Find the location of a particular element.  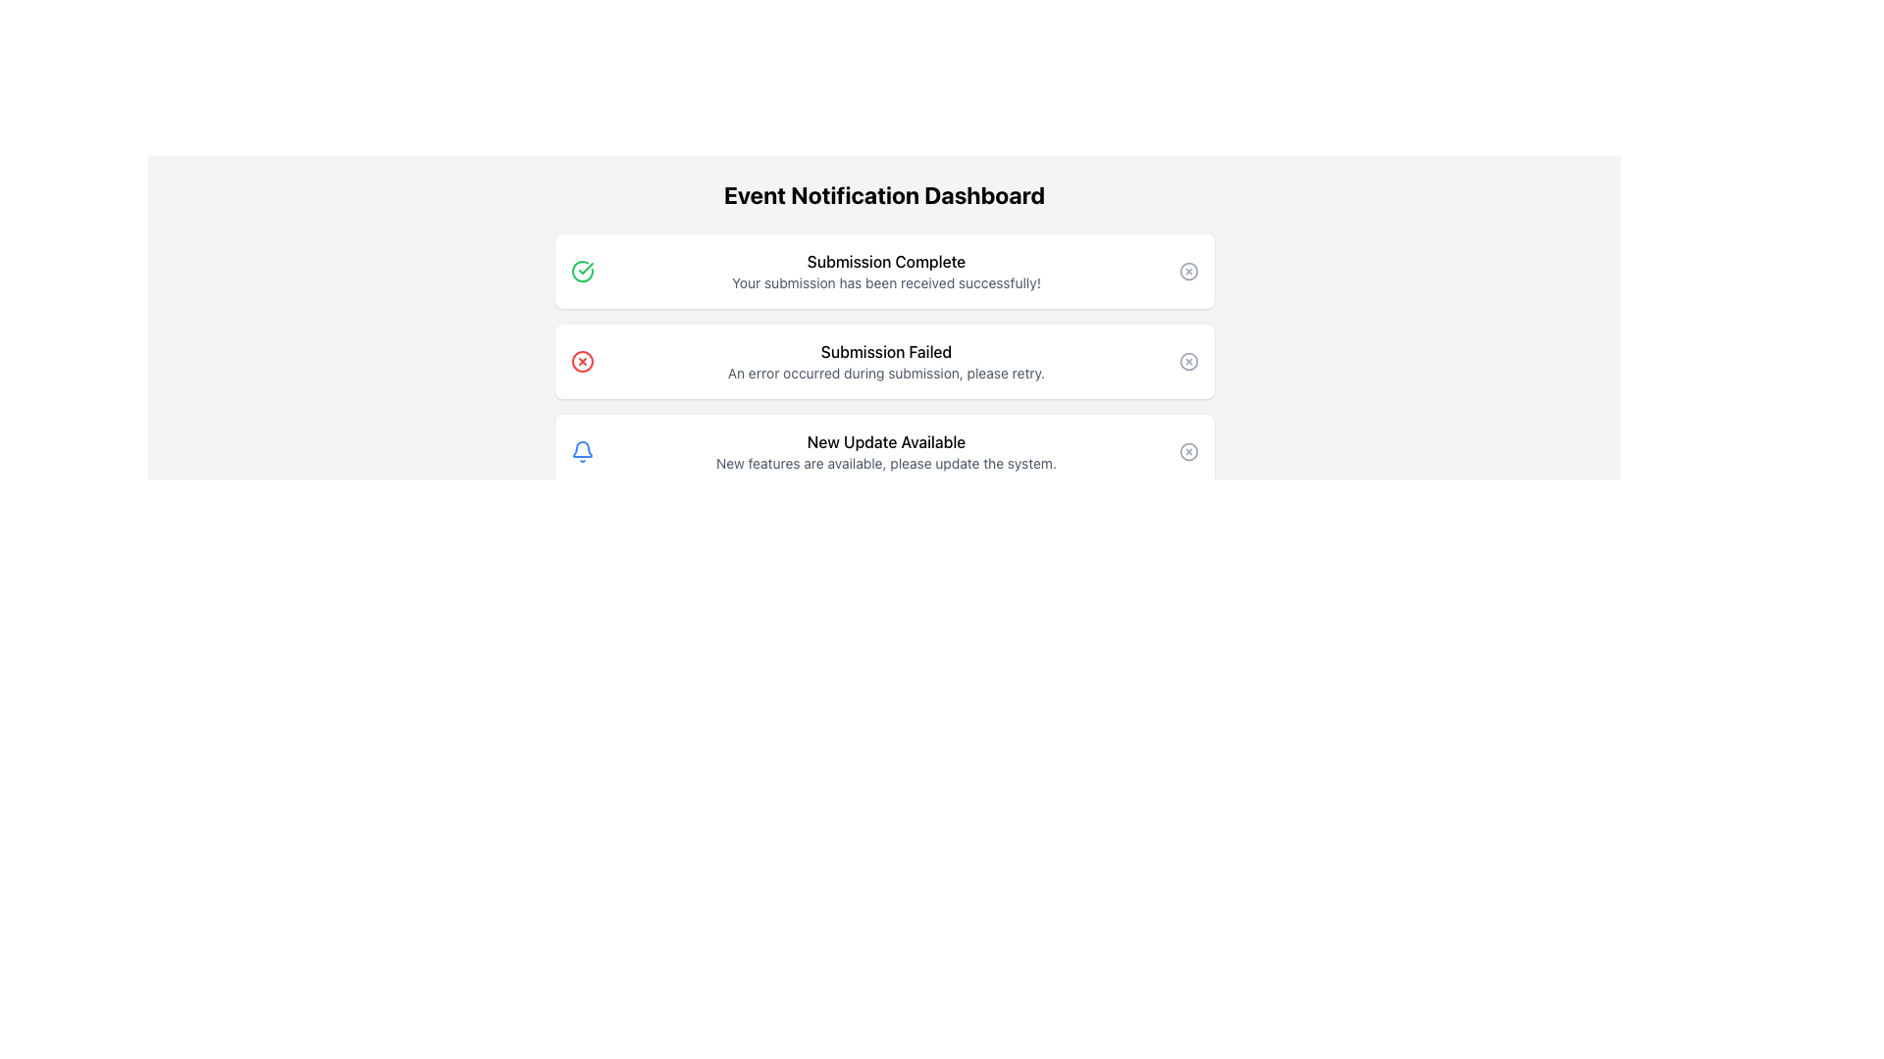

the outer circular part of the 'close' icon located at the far right of the 'Submission Complete' notification row is located at coordinates (1187, 272).